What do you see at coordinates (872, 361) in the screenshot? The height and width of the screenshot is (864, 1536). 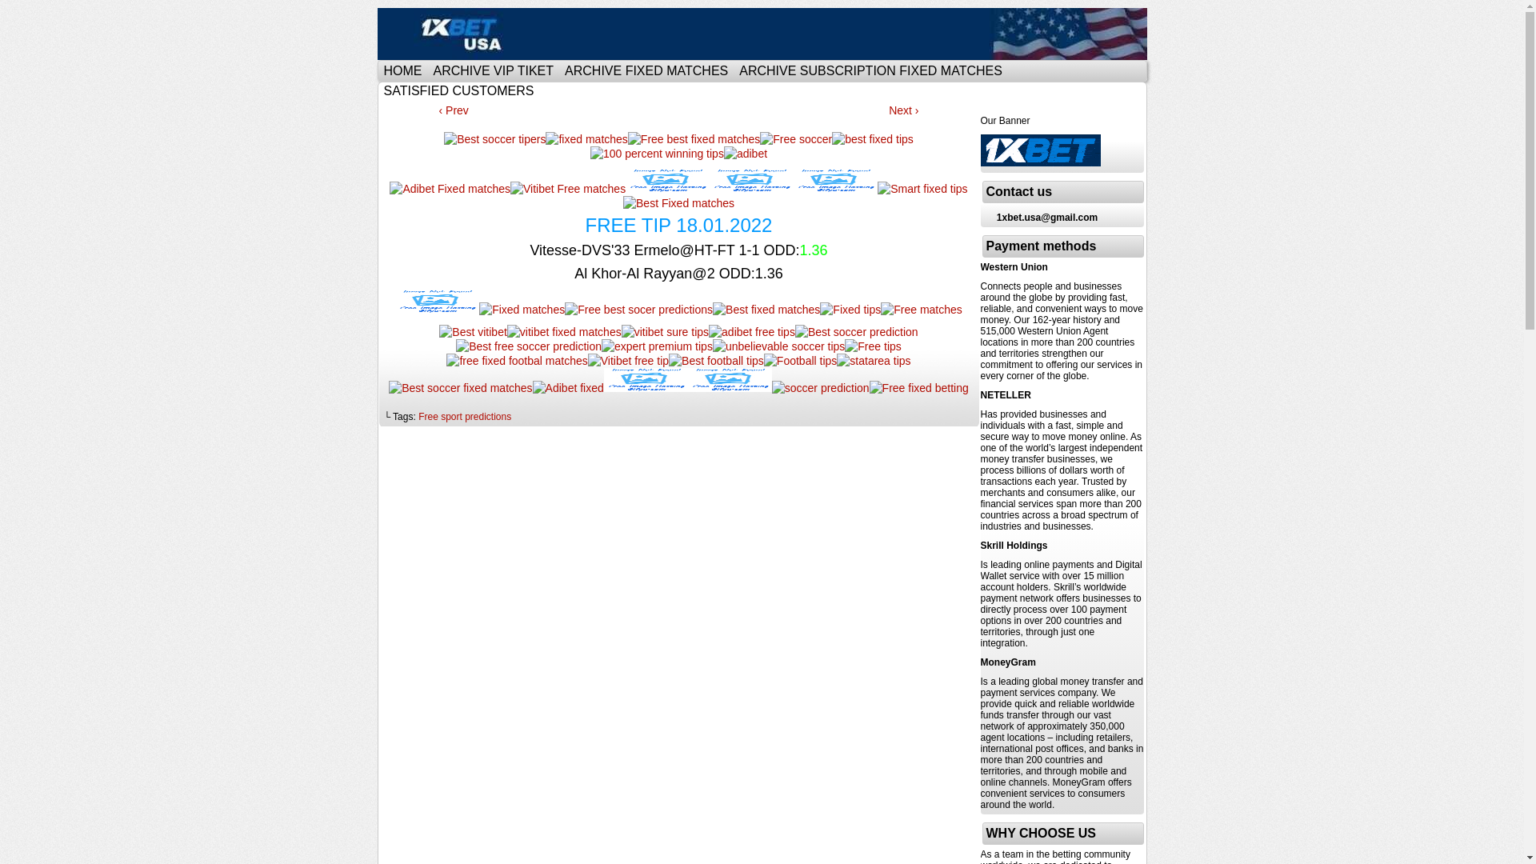 I see `'statarea tips'` at bounding box center [872, 361].